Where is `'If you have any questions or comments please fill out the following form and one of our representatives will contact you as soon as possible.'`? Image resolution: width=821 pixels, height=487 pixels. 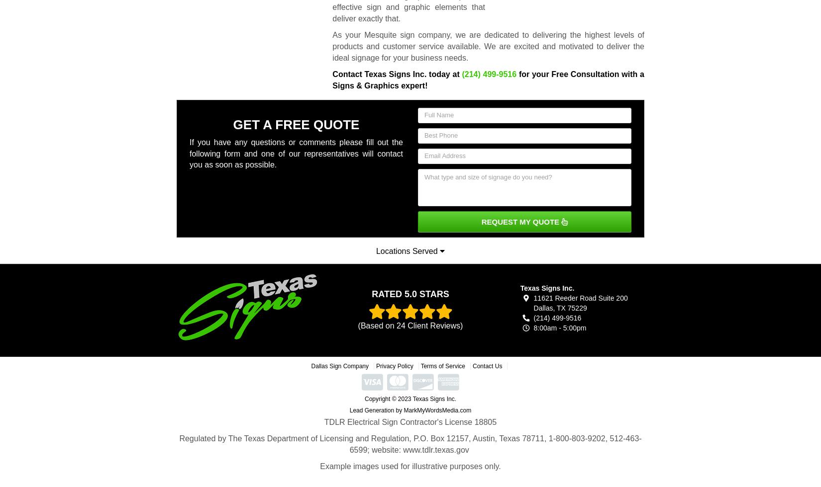
'If you have any questions or comments please fill out the following form and one of our representatives will contact you as soon as possible.' is located at coordinates (296, 153).